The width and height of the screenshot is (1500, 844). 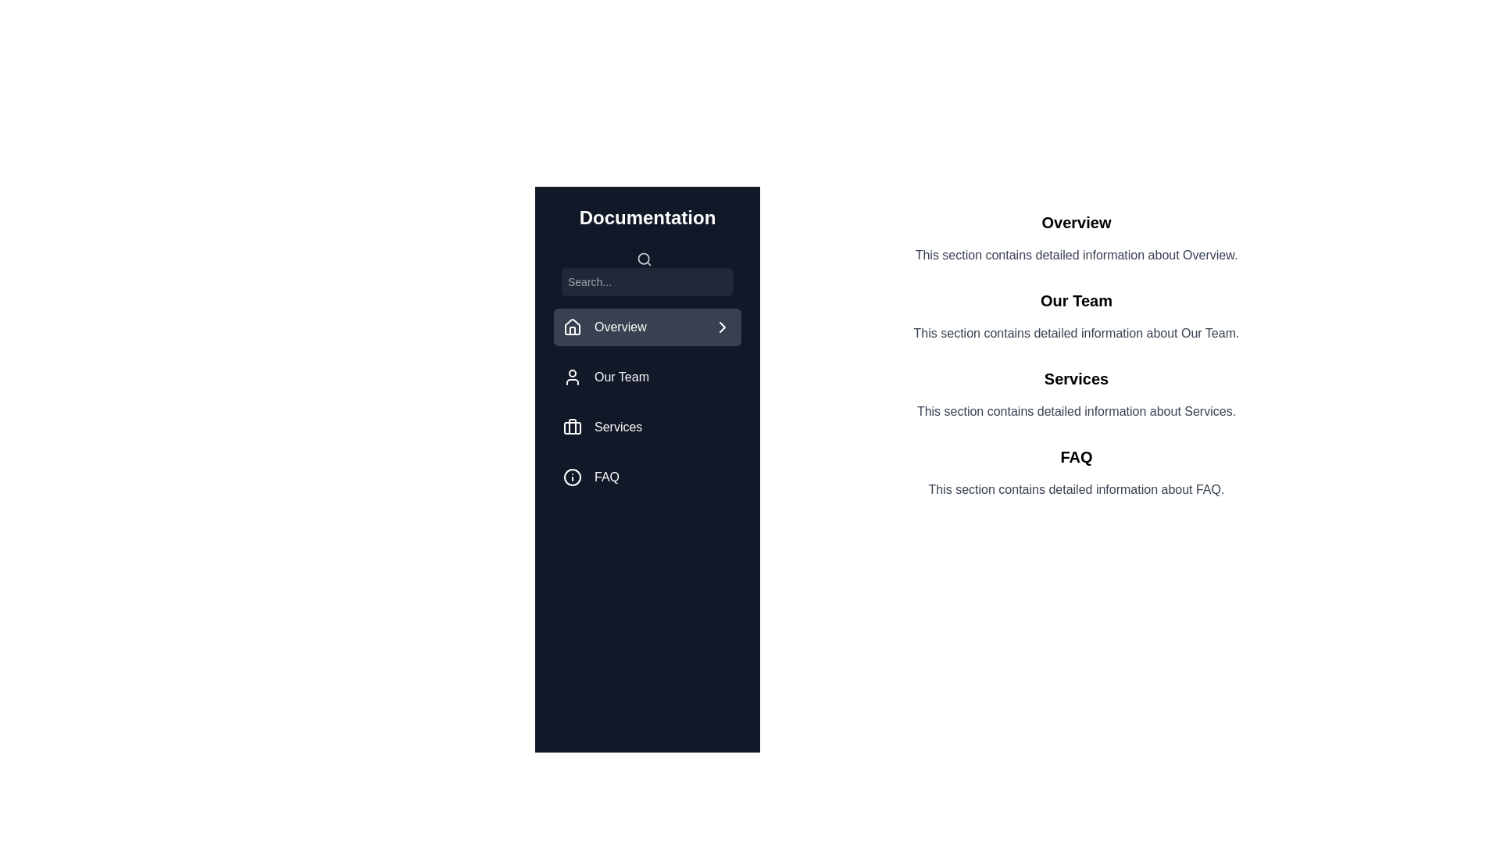 I want to click on text displayed on the 'Services' label located in the left vertical navigation bar, which appears in a white sans-serif font against a dark background, so click(x=617, y=427).